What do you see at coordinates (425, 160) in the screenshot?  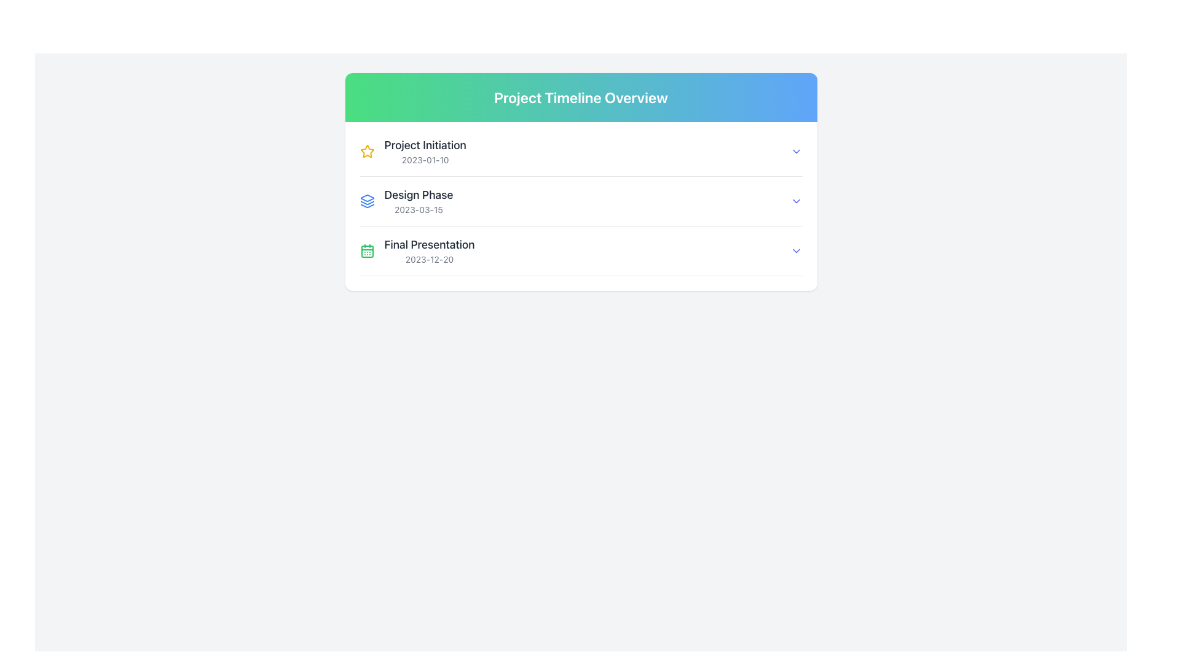 I see `the date text label '2023-01-10' displayed in a small grayish font beneath the title 'Project Initiation'` at bounding box center [425, 160].